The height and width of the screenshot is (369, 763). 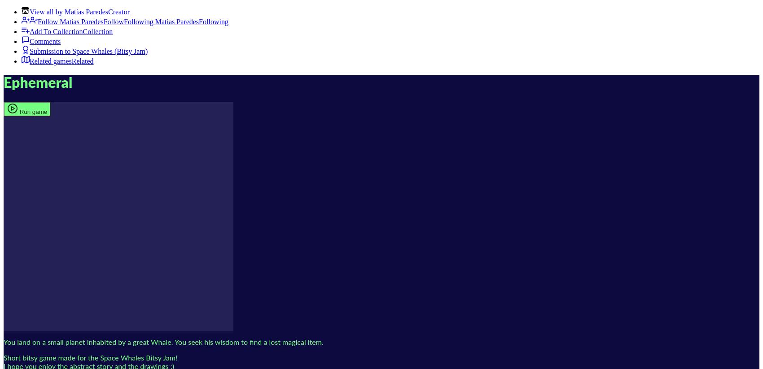 What do you see at coordinates (45, 41) in the screenshot?
I see `'Comments'` at bounding box center [45, 41].